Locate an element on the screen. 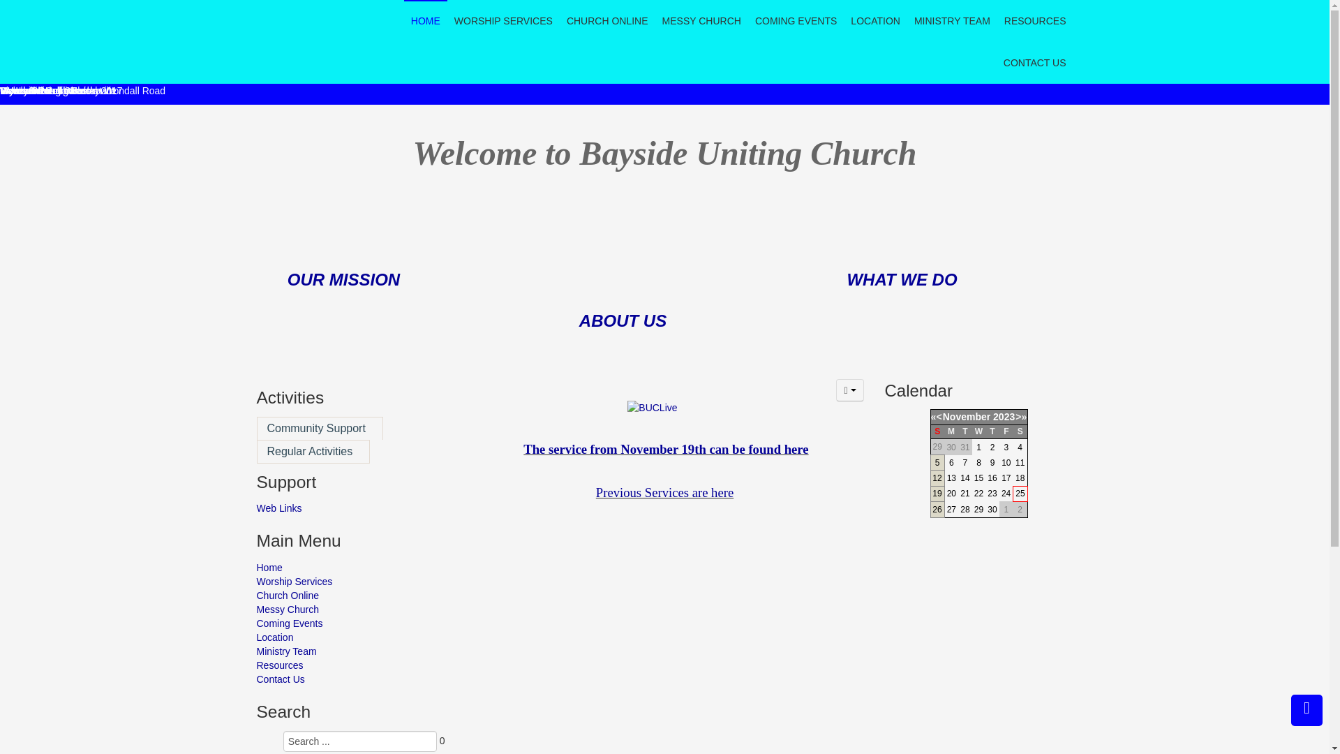 This screenshot has height=754, width=1340. '14' is located at coordinates (964, 478).